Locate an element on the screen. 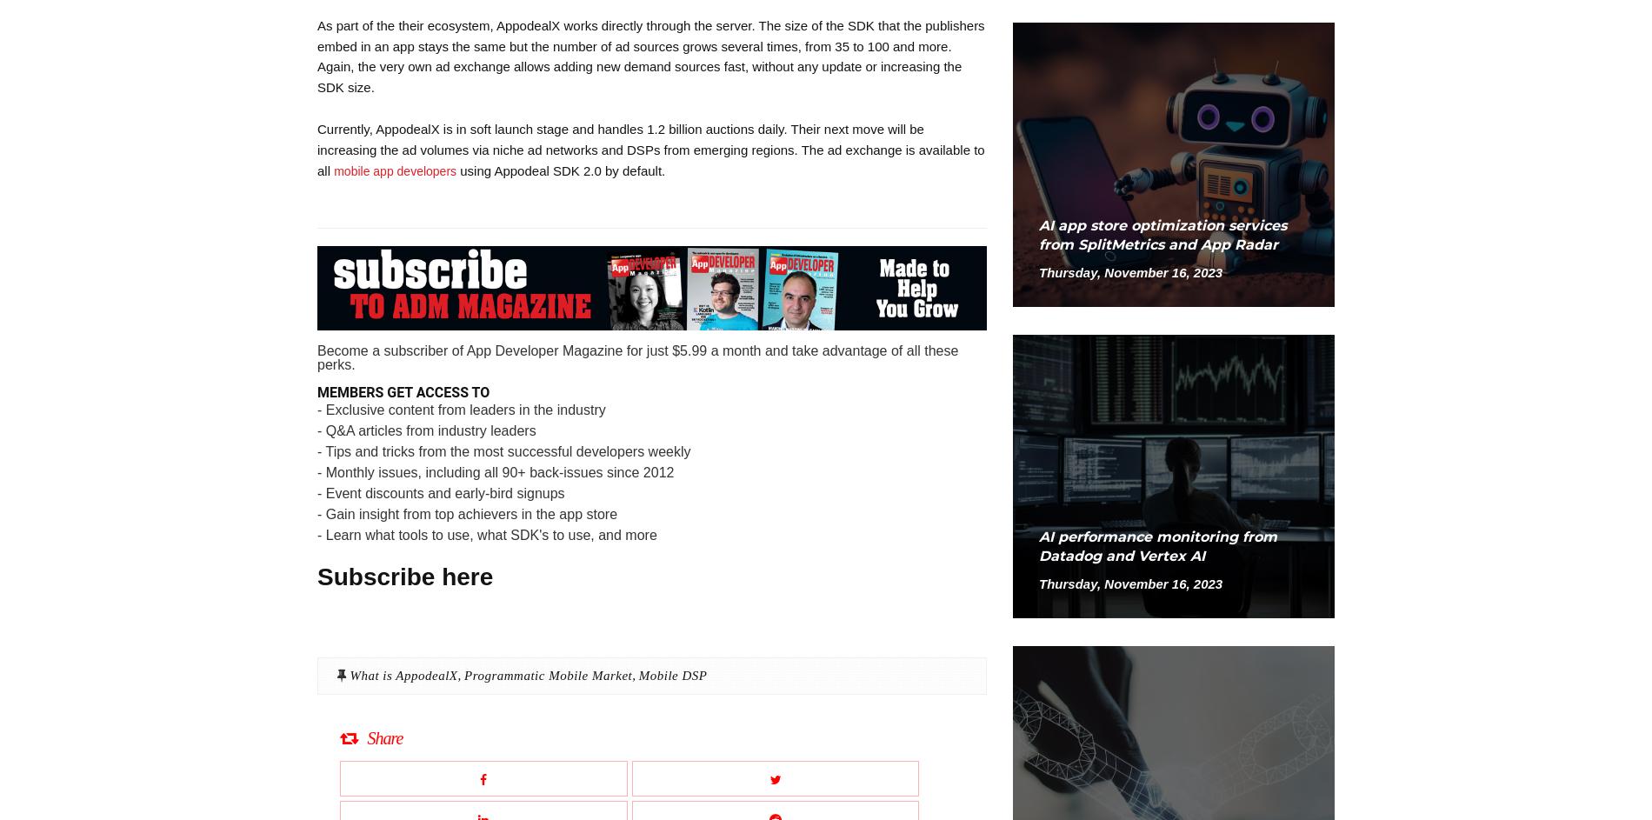  '- Tips and tricks from the most successful developers weekly' is located at coordinates (316, 450).